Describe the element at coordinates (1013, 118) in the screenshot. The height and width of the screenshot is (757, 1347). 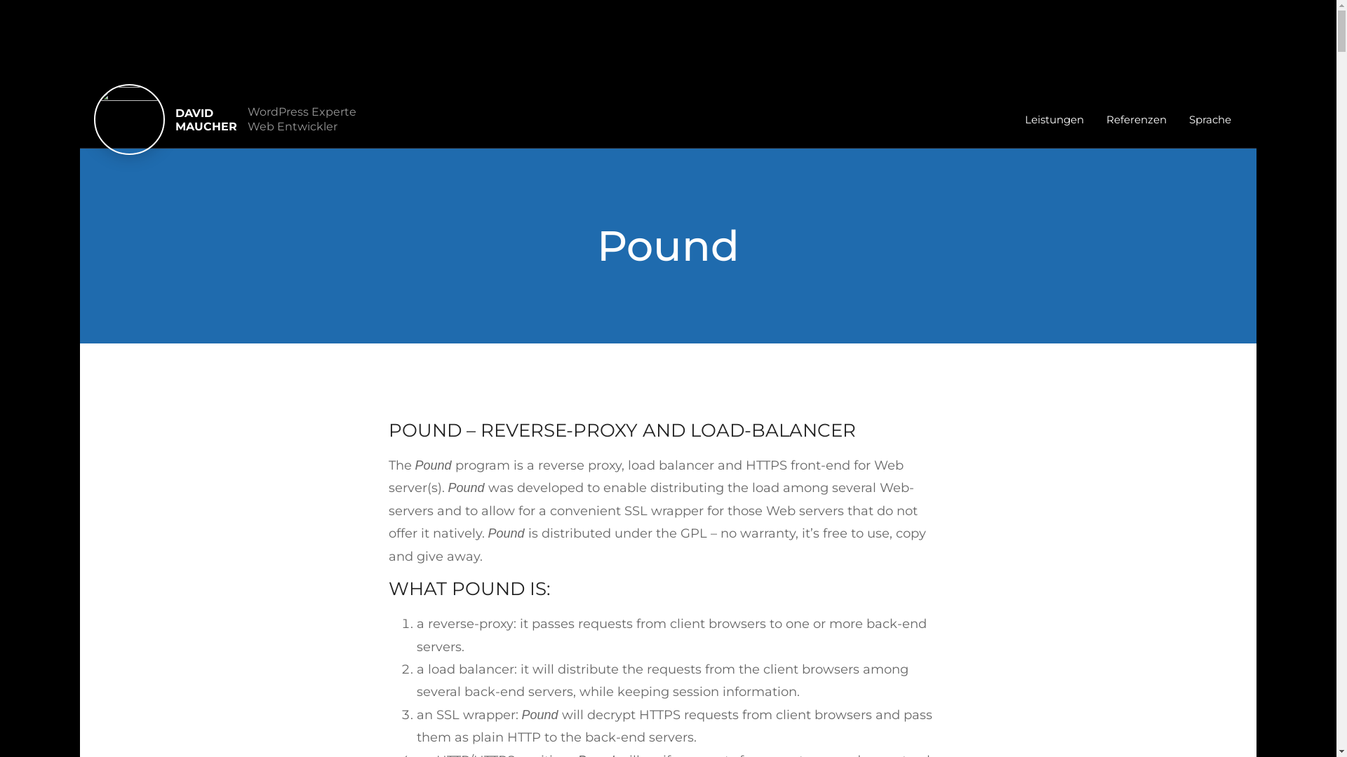
I see `'Leistungen'` at that location.